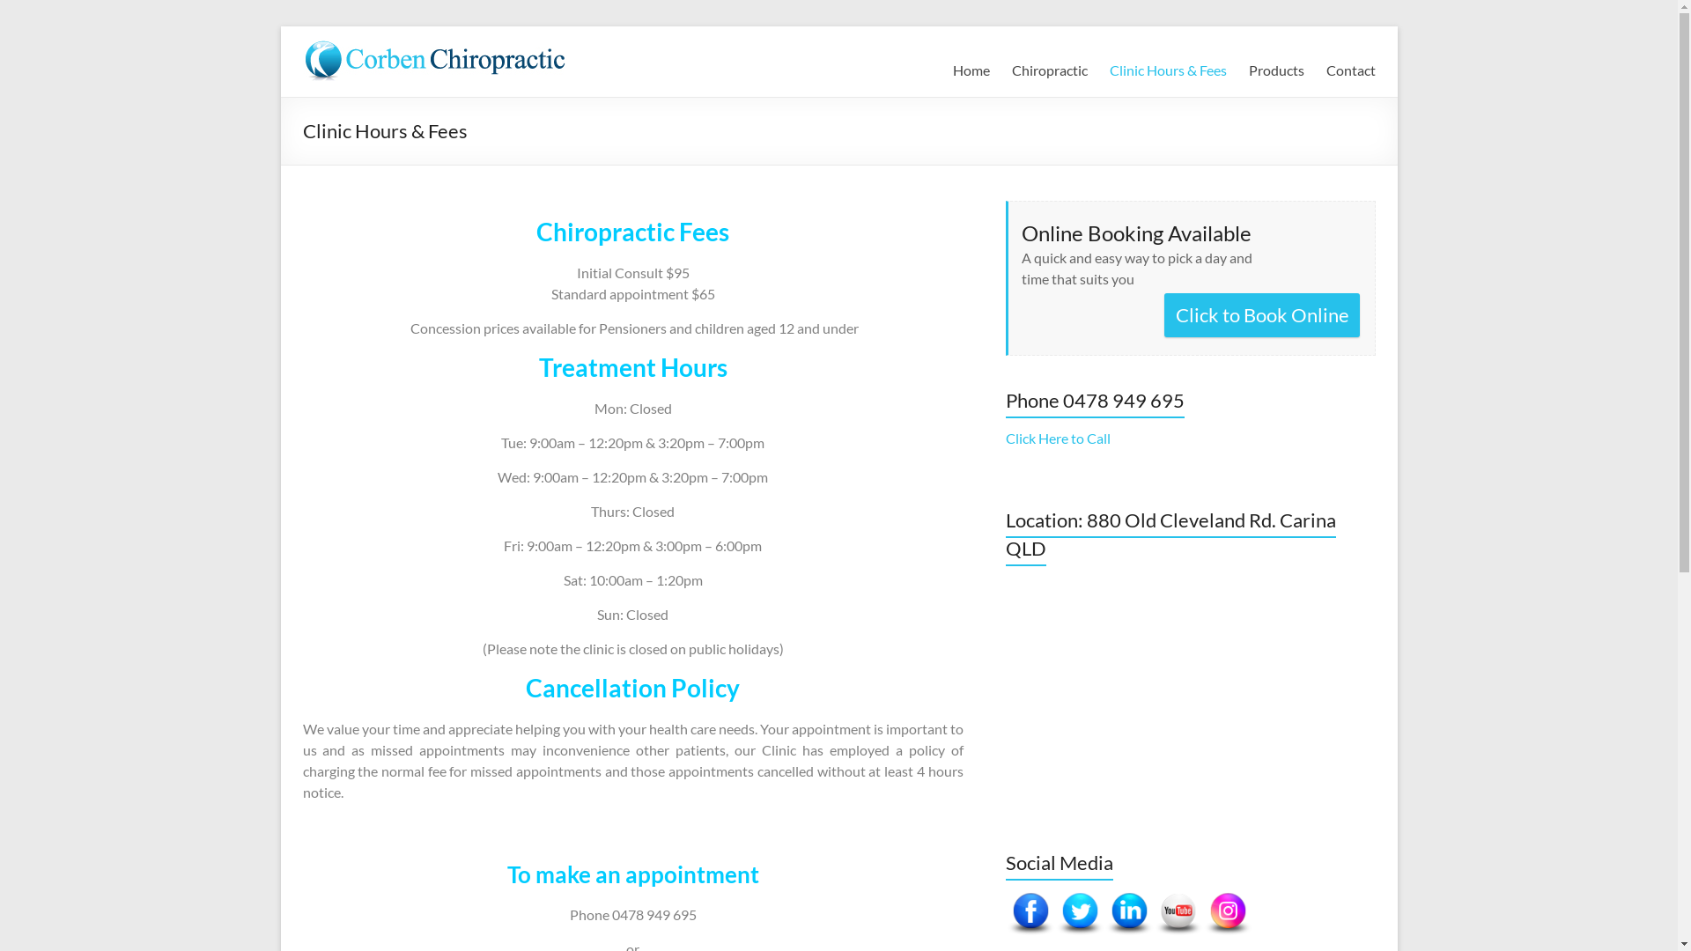 The image size is (1691, 951). What do you see at coordinates (279, 26) in the screenshot?
I see `'Skip to content'` at bounding box center [279, 26].